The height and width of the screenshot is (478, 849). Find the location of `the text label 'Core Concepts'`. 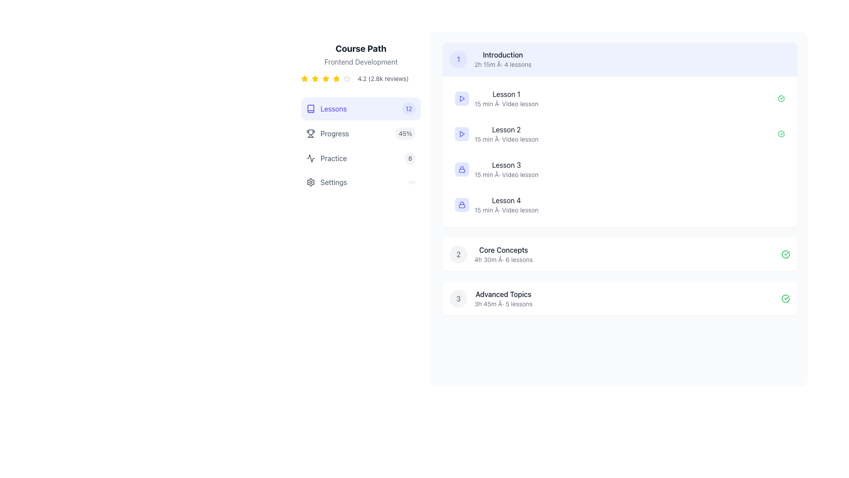

the text label 'Core Concepts' is located at coordinates (503, 250).